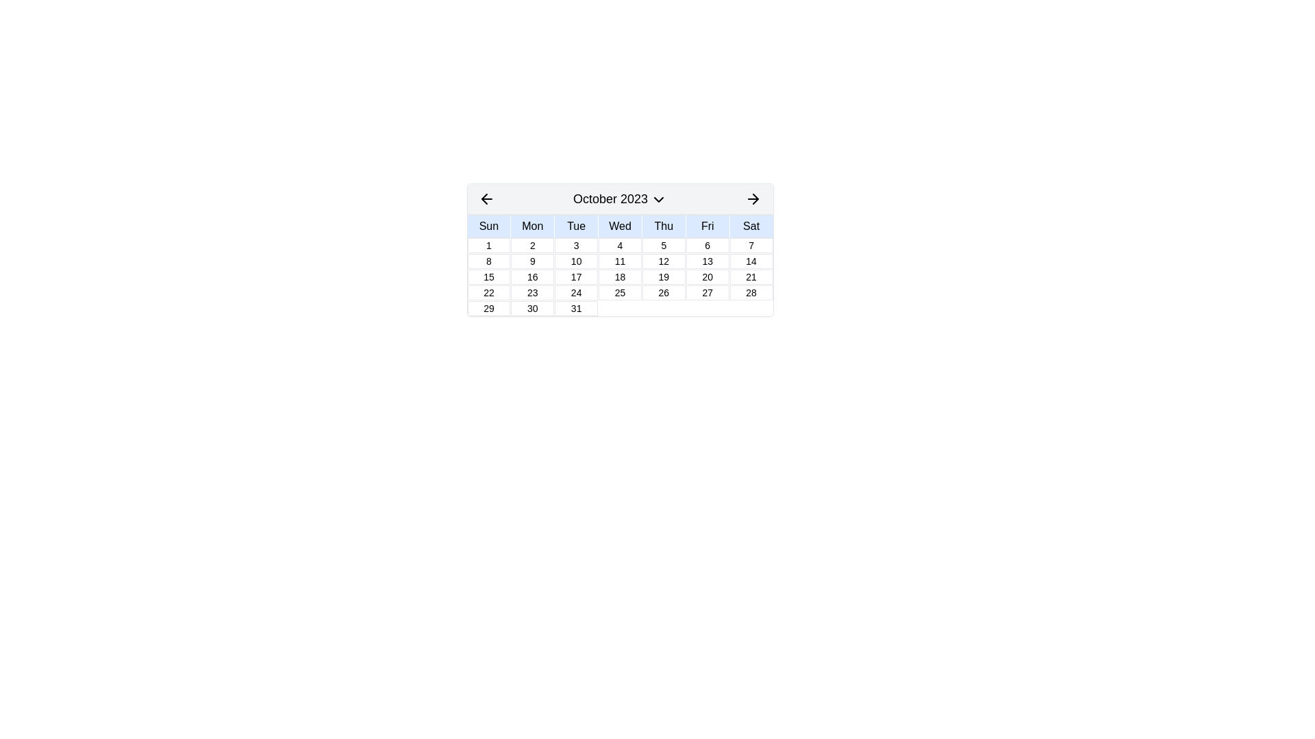 This screenshot has width=1315, height=739. I want to click on the calendar day '27' text label located in the last row and fifth column of the calendar grid, so click(707, 292).